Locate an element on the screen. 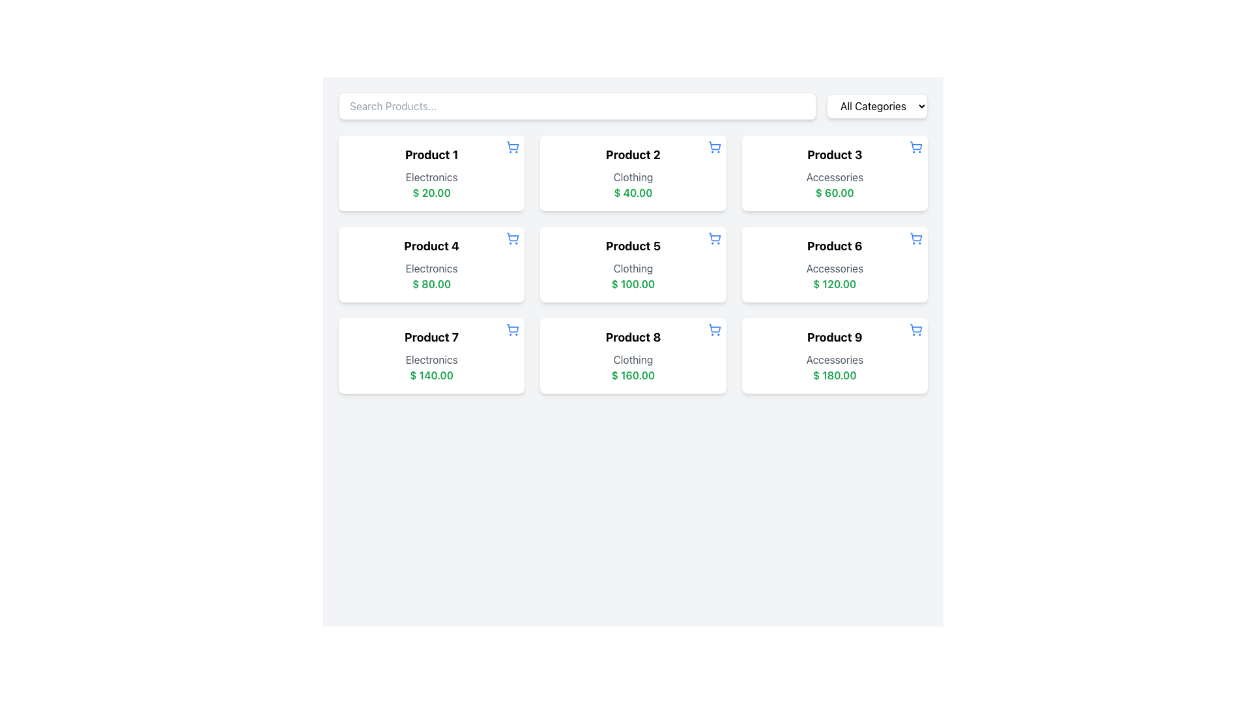 Image resolution: width=1251 pixels, height=704 pixels. the blue shopping cart icon button located at the top-right corner of the 'Product 3' card is located at coordinates (915, 147).